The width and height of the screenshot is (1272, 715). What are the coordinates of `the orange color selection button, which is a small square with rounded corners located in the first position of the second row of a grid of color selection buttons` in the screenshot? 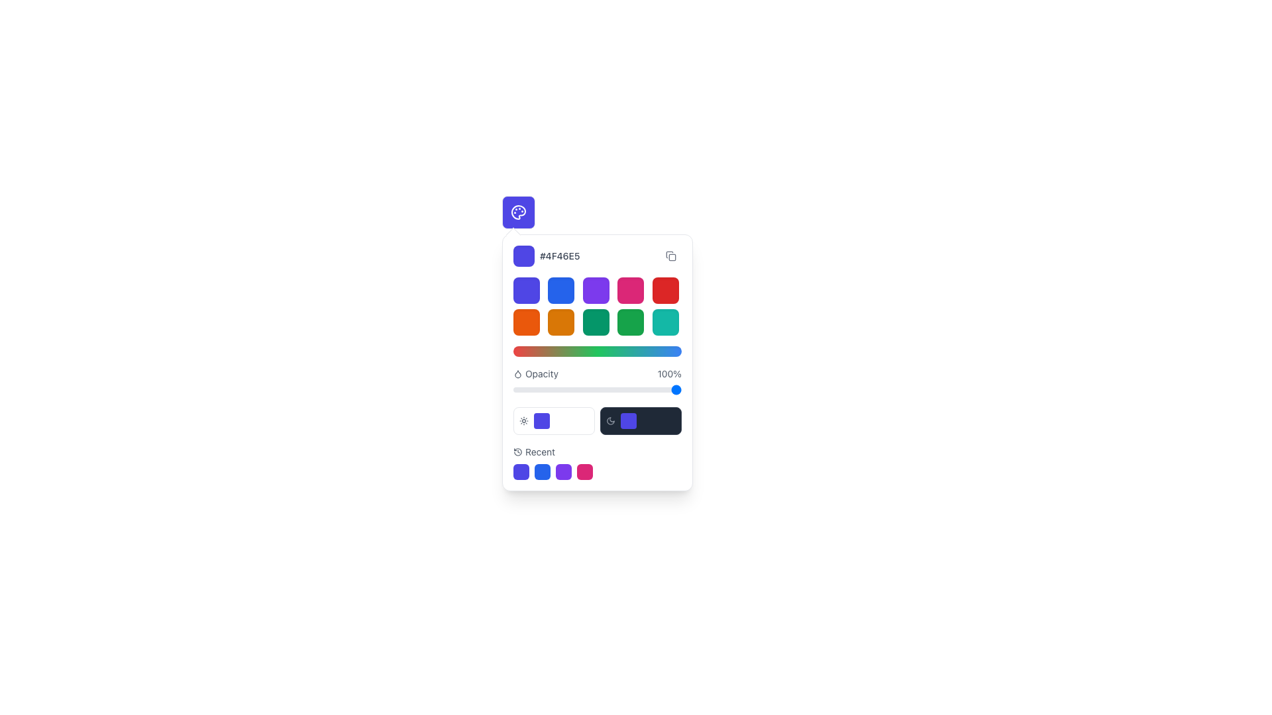 It's located at (526, 322).